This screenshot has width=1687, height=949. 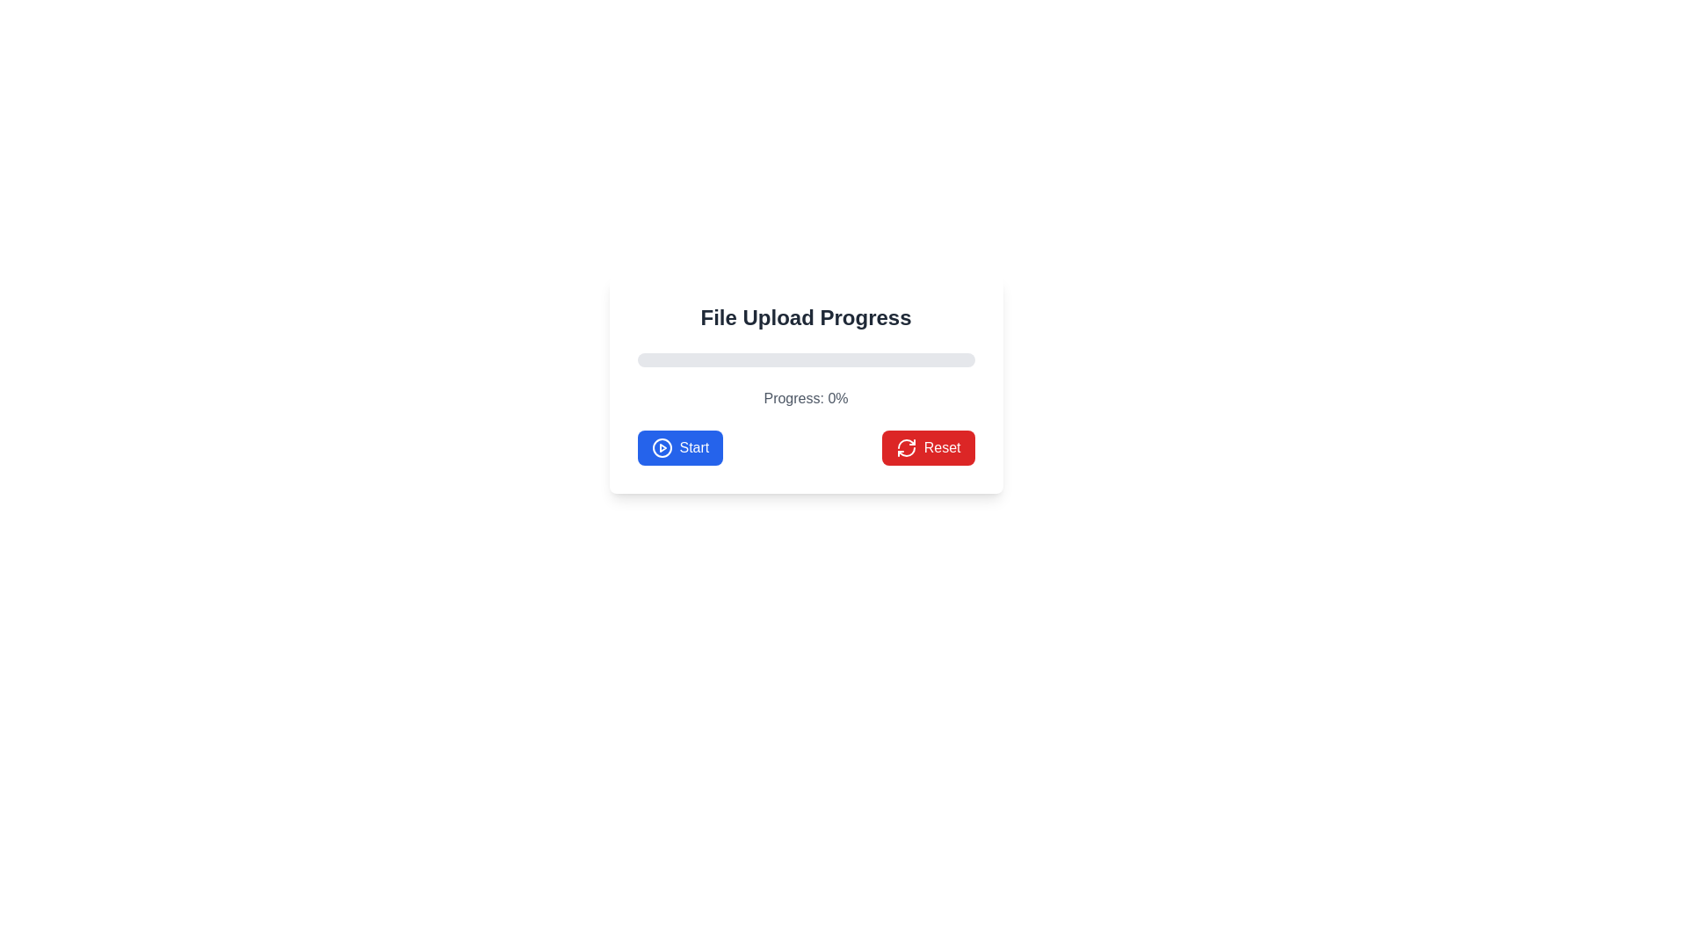 I want to click on the red 'Reset' button with a circular arrow icon and bold white text to initiate a reset action, so click(x=927, y=446).